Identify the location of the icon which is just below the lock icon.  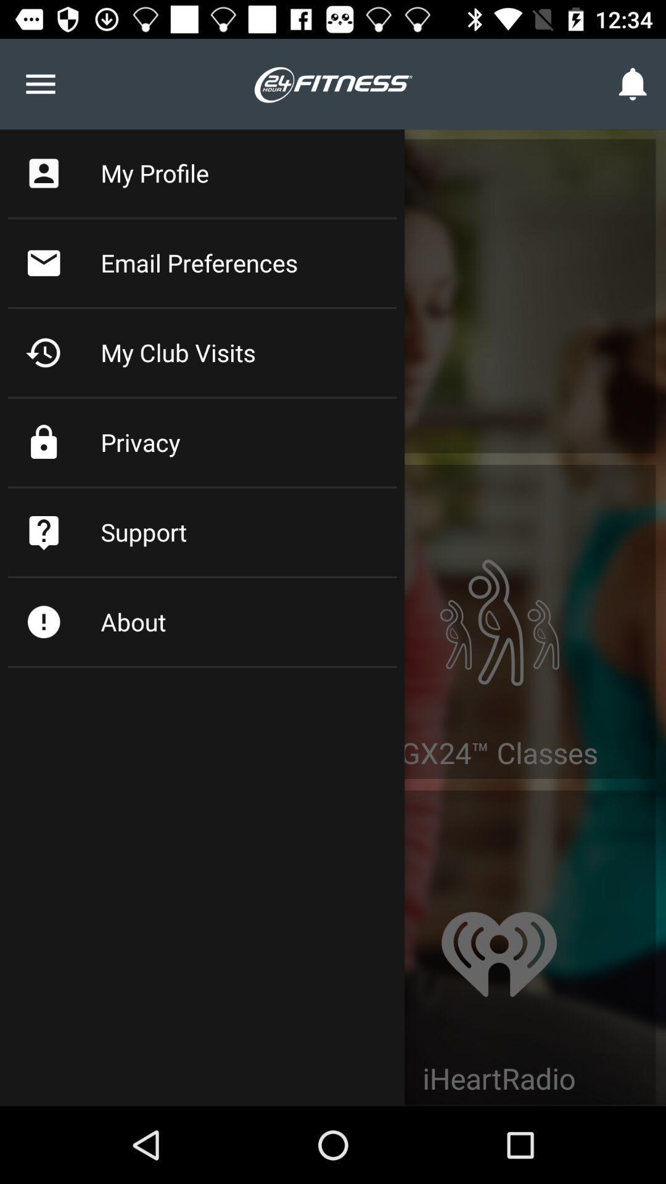
(43, 532).